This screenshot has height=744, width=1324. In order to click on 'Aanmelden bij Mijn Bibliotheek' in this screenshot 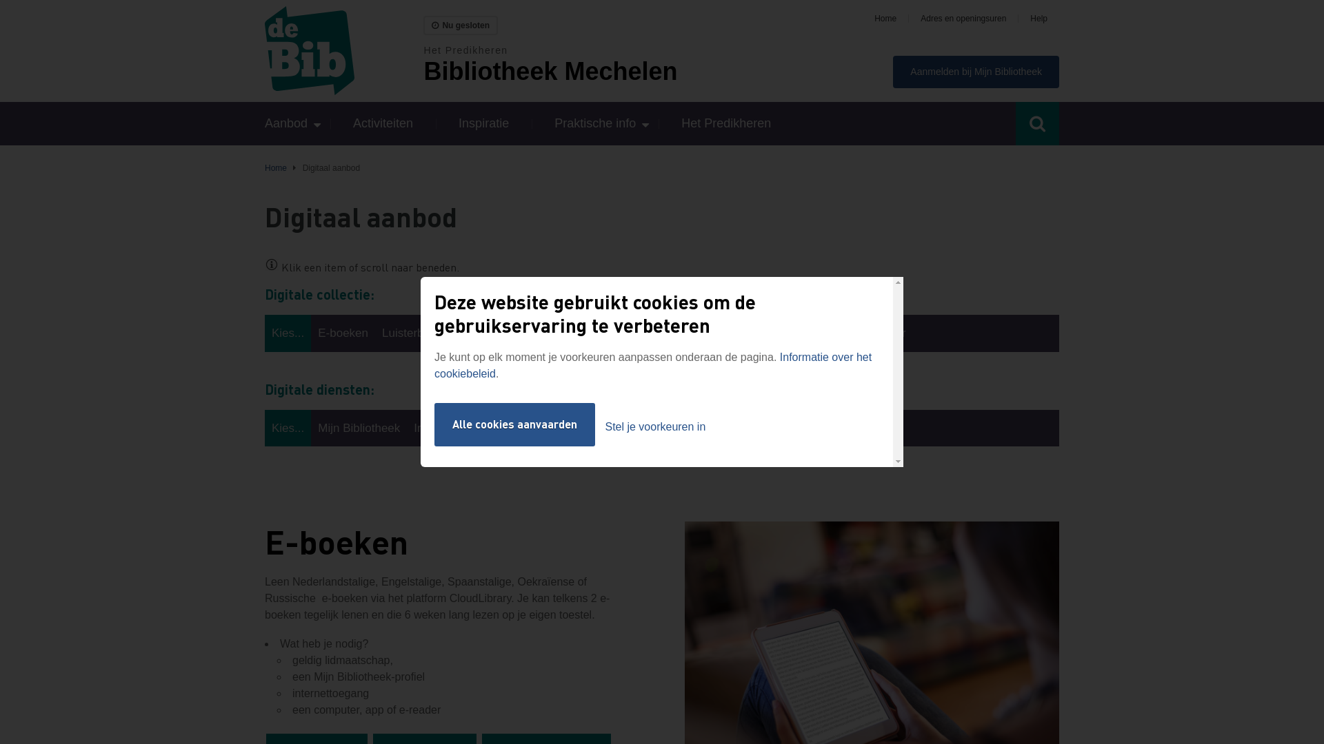, I will do `click(975, 72)`.